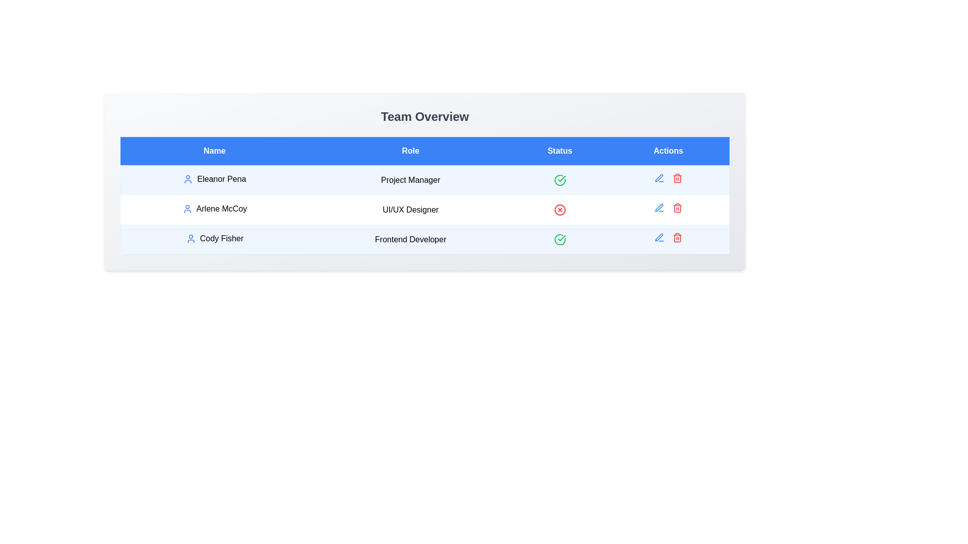 This screenshot has width=968, height=544. I want to click on the user icon styled as a circular outline in blue, located in the first row under the 'Name' column next to 'Eleanor Pena', so click(188, 178).